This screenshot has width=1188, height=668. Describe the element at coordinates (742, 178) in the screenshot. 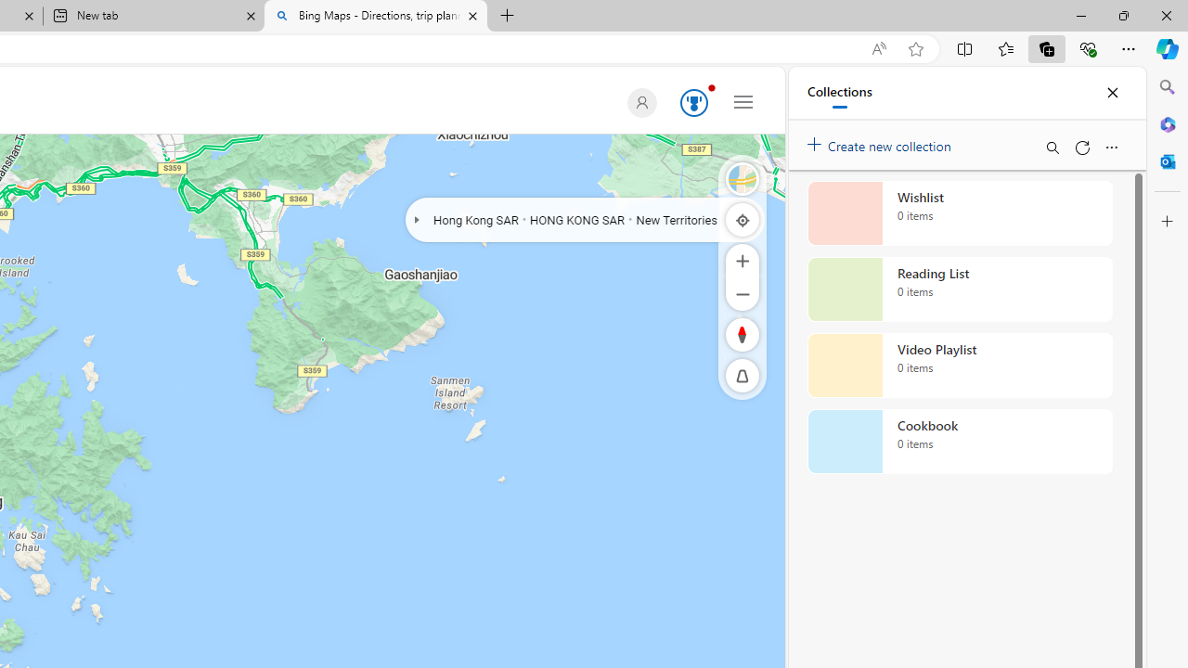

I see `'Streetside'` at that location.